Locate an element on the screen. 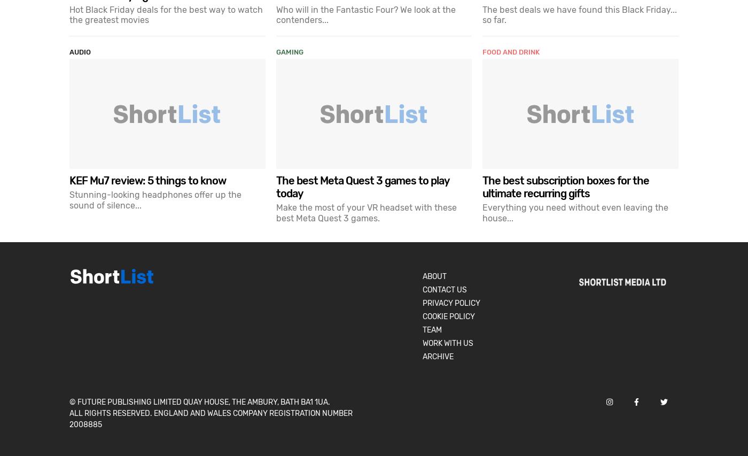 Image resolution: width=748 pixels, height=456 pixels. 'All rights reserved. England and Wales company registration number 2008885' is located at coordinates (211, 418).